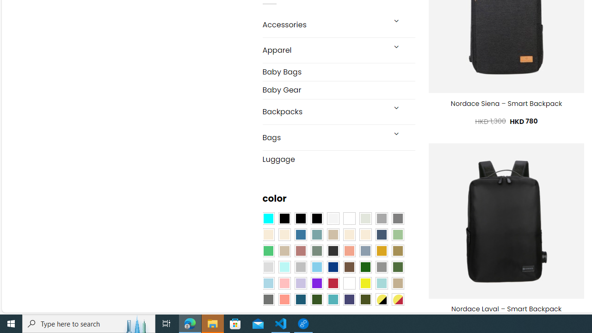 The image size is (592, 333). I want to click on 'Pearly White', so click(333, 219).